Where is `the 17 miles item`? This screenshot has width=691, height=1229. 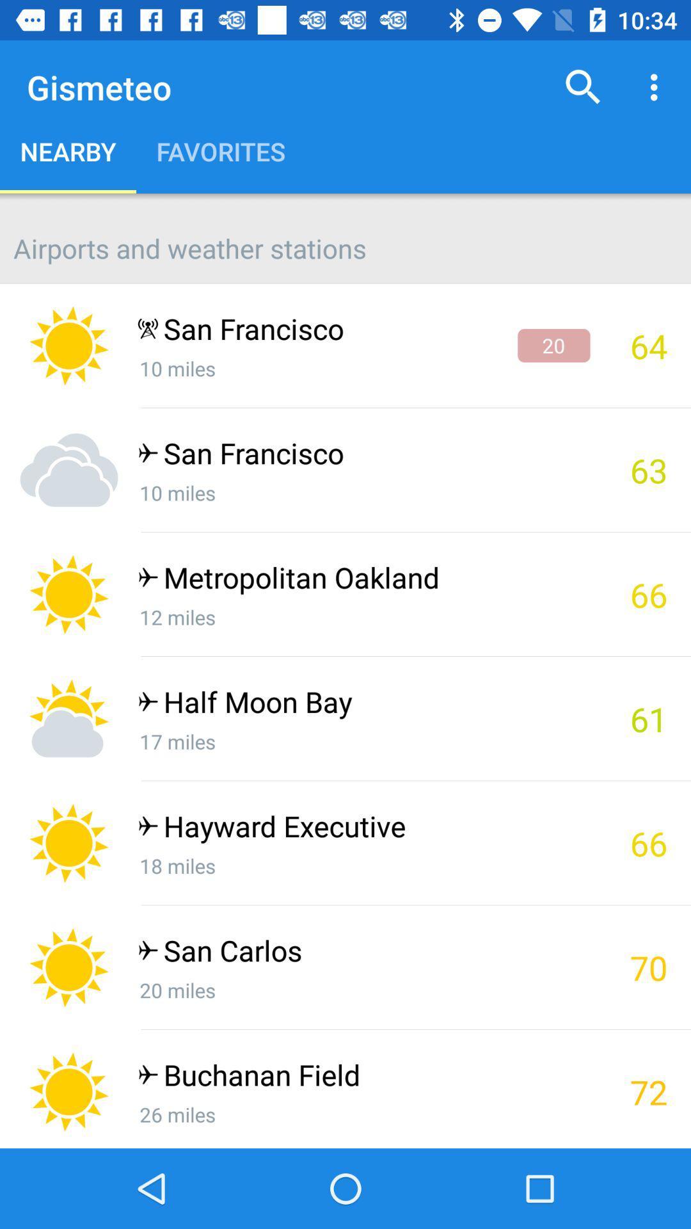
the 17 miles item is located at coordinates (363, 741).